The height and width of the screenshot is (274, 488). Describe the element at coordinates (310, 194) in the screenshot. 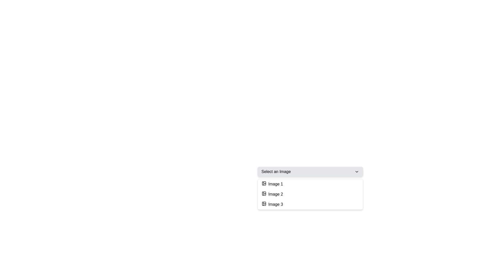

I see `the 'Image 2' entry in the dropdown menu` at that location.